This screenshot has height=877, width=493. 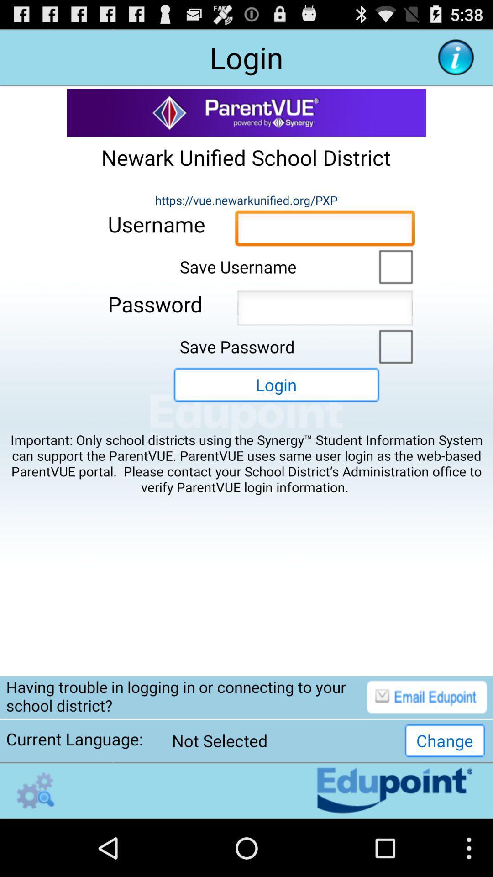 What do you see at coordinates (35, 790) in the screenshot?
I see `the endupoint` at bounding box center [35, 790].